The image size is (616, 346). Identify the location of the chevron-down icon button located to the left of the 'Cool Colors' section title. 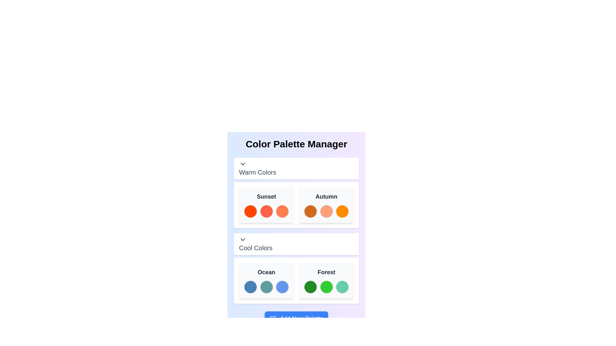
(243, 240).